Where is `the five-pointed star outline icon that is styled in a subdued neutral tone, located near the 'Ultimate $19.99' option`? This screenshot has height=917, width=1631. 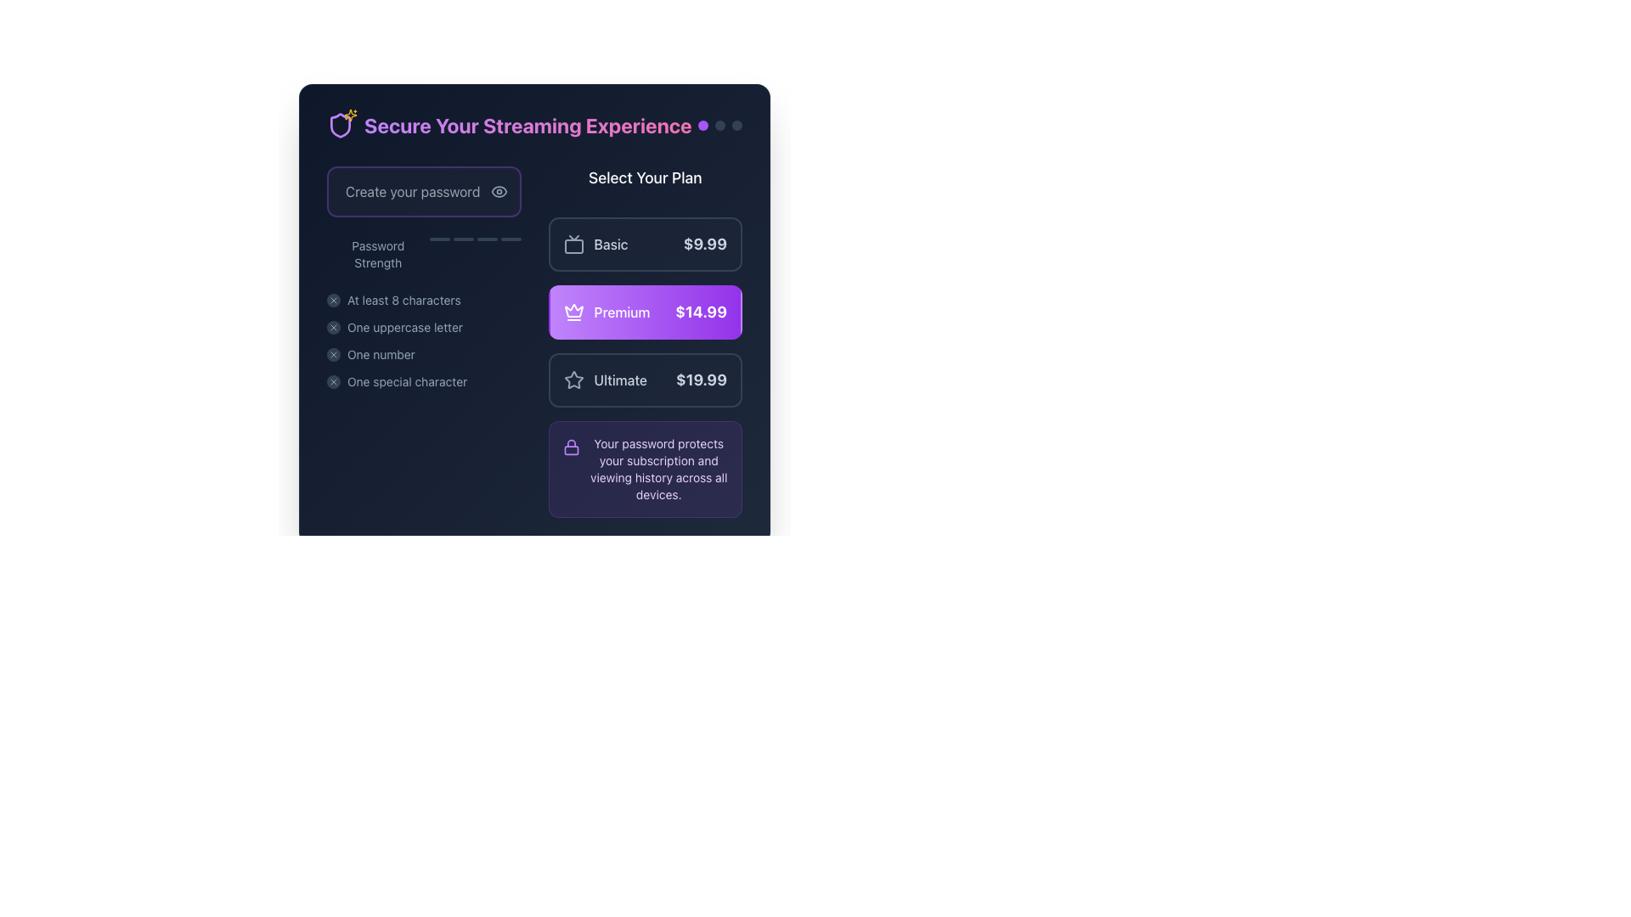 the five-pointed star outline icon that is styled in a subdued neutral tone, located near the 'Ultimate $19.99' option is located at coordinates (573, 379).